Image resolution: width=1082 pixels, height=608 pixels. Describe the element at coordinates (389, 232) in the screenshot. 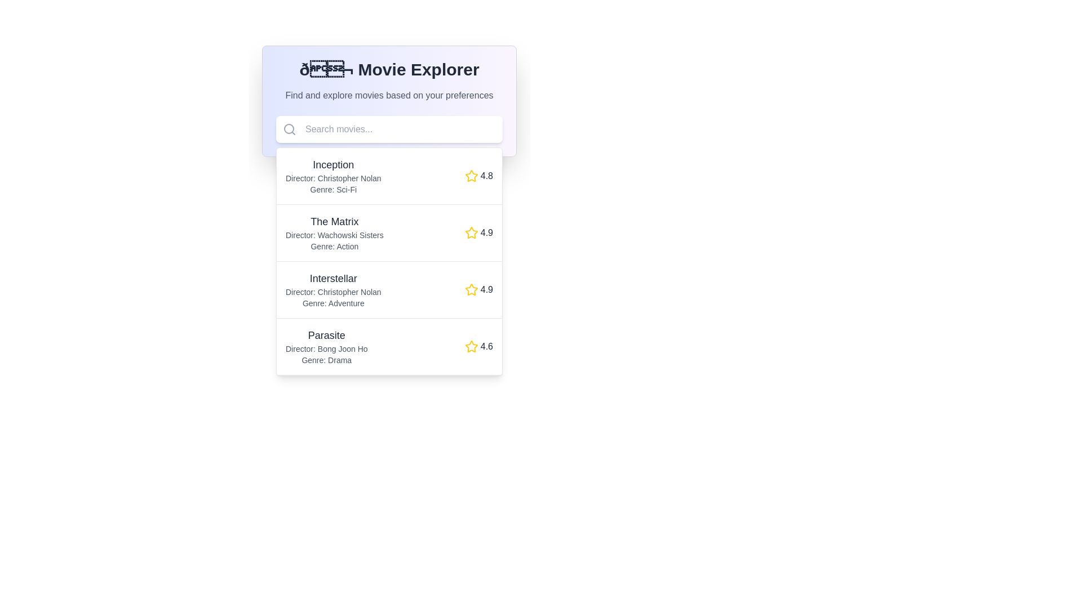

I see `the second movie item in the dropdown list, which provides details such as title, director, genre, and rating, located between 'Inception' and 'Interstellar'` at that location.